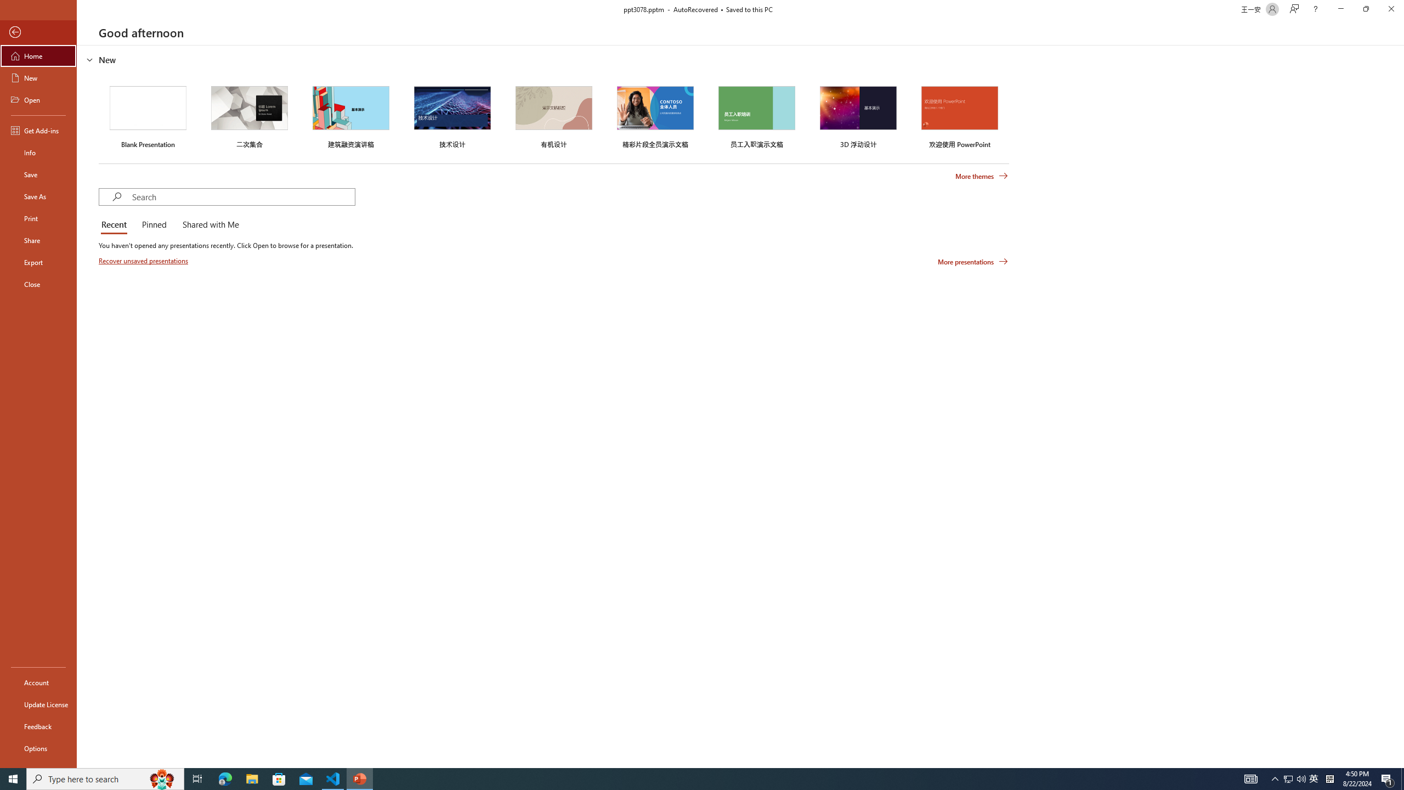 Image resolution: width=1404 pixels, height=790 pixels. I want to click on 'New', so click(38, 77).